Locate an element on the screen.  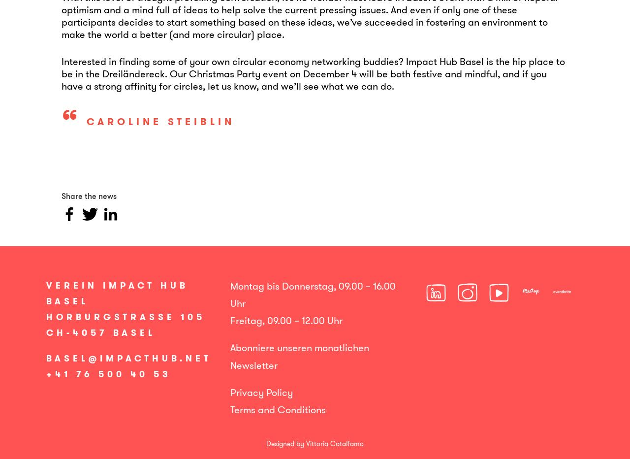
'+41 76 500 40 53' is located at coordinates (109, 374).